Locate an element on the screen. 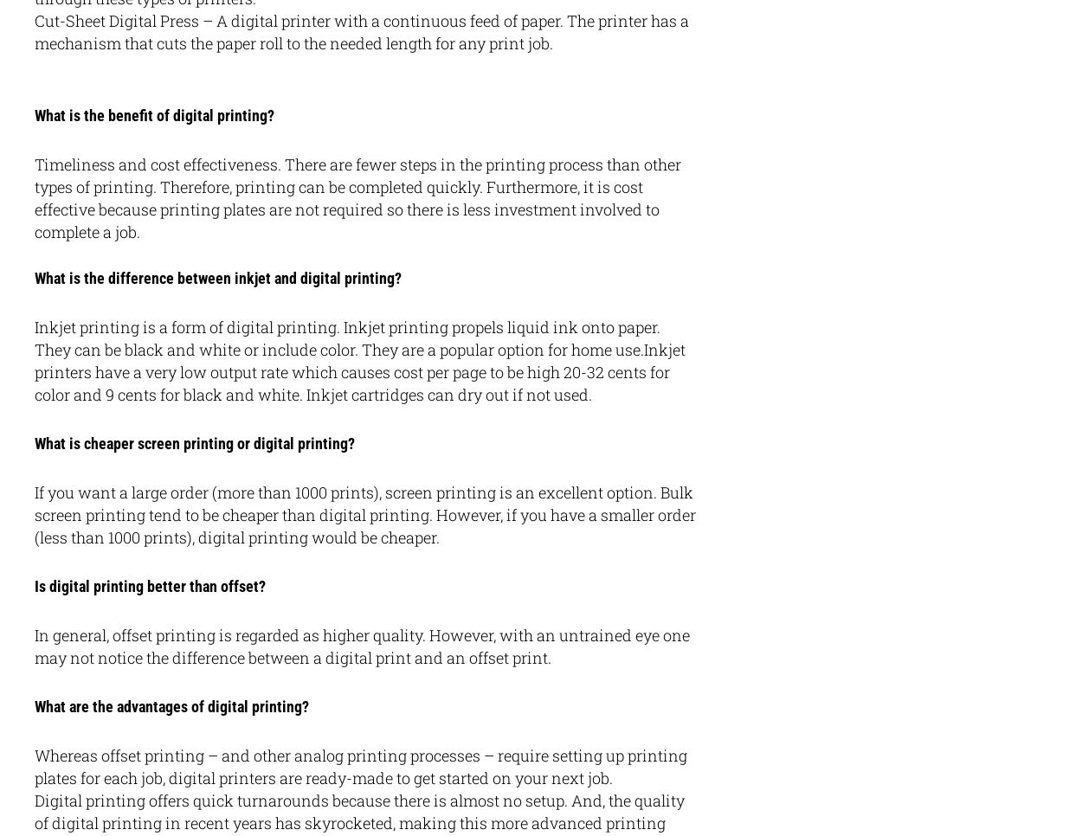  'What is the difference between inkjet and digital printing?' is located at coordinates (218, 278).